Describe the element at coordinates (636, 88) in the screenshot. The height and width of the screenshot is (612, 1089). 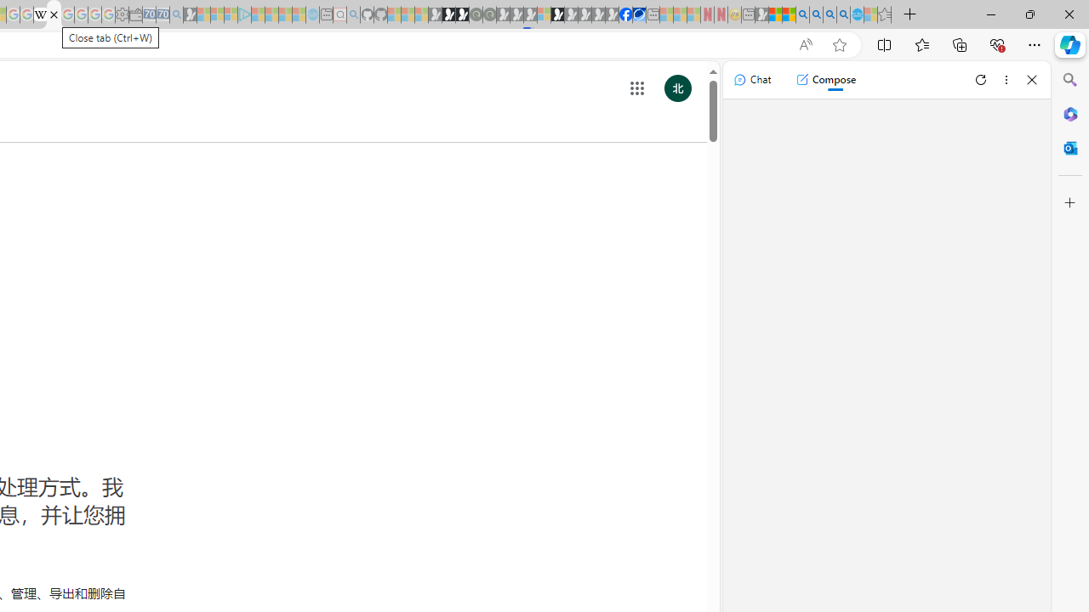
I see `'Class: gb_E'` at that location.